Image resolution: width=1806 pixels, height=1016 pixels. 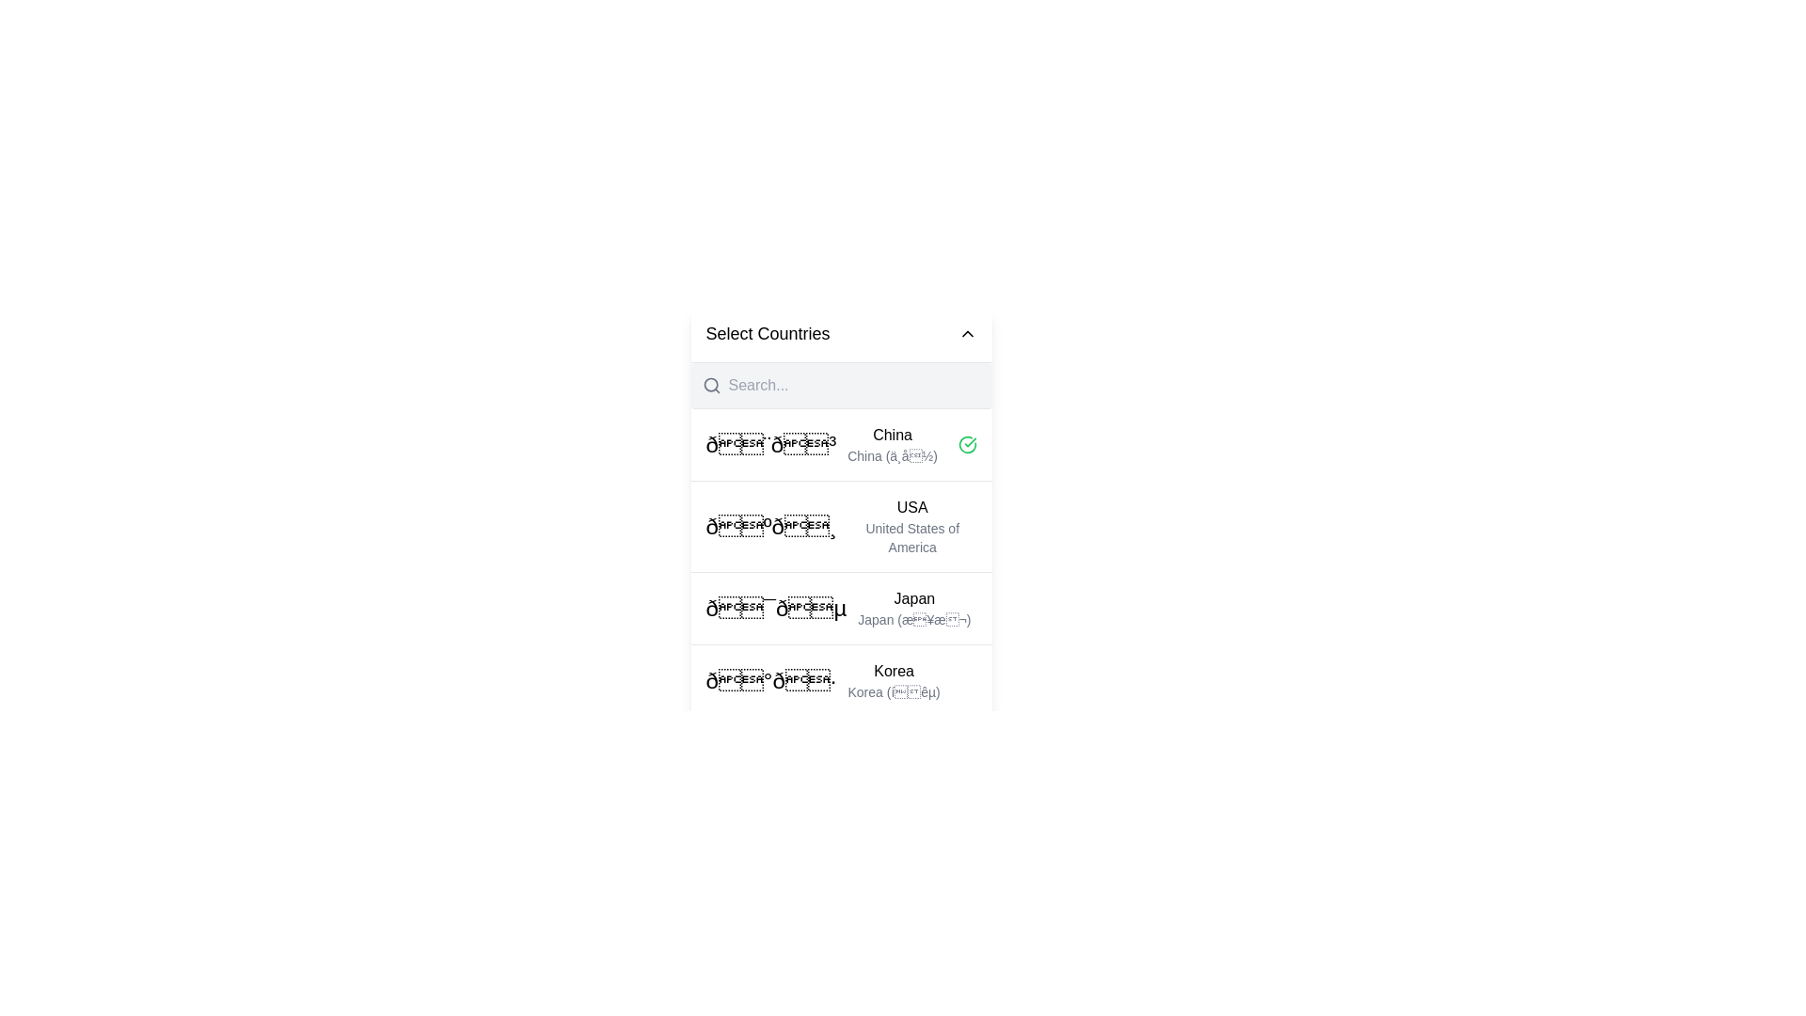 I want to click on text label that provides additional descriptive information about the country, located below the abbreviation 'USA.', so click(x=912, y=537).